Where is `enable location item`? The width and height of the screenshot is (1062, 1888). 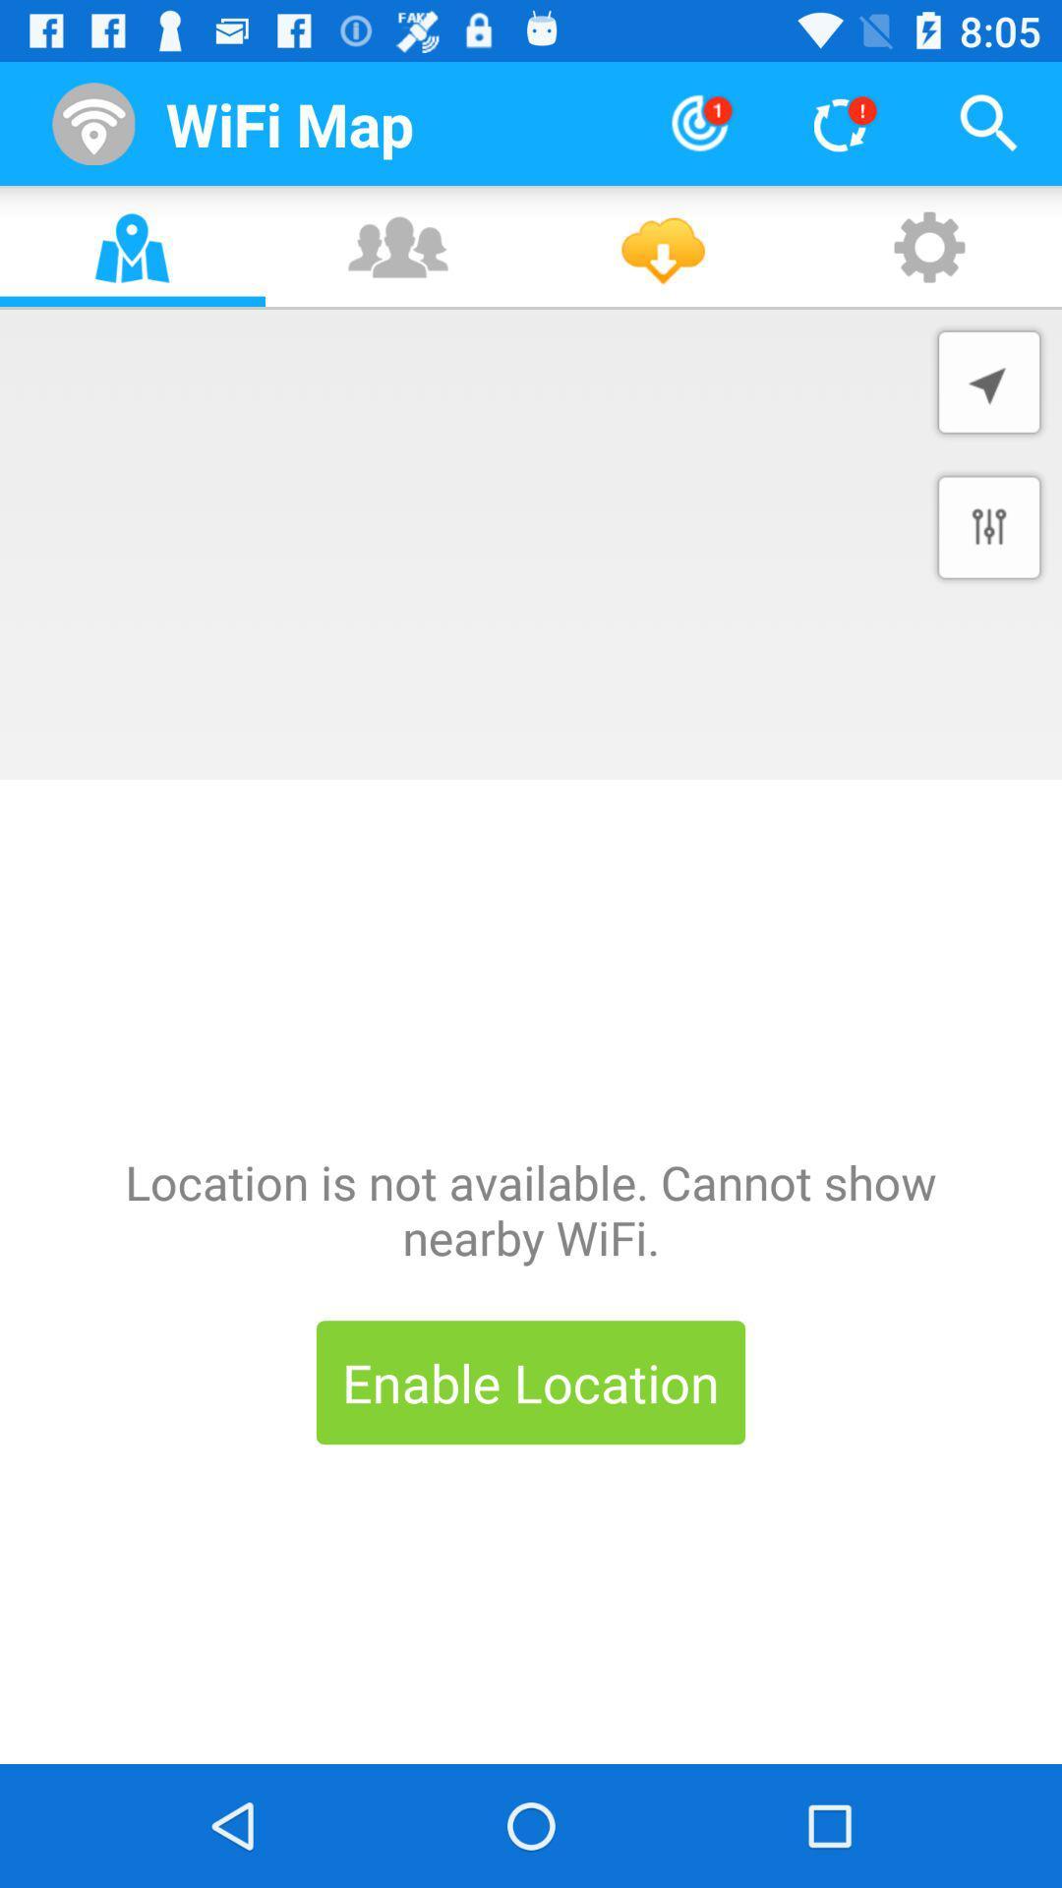
enable location item is located at coordinates (531, 1382).